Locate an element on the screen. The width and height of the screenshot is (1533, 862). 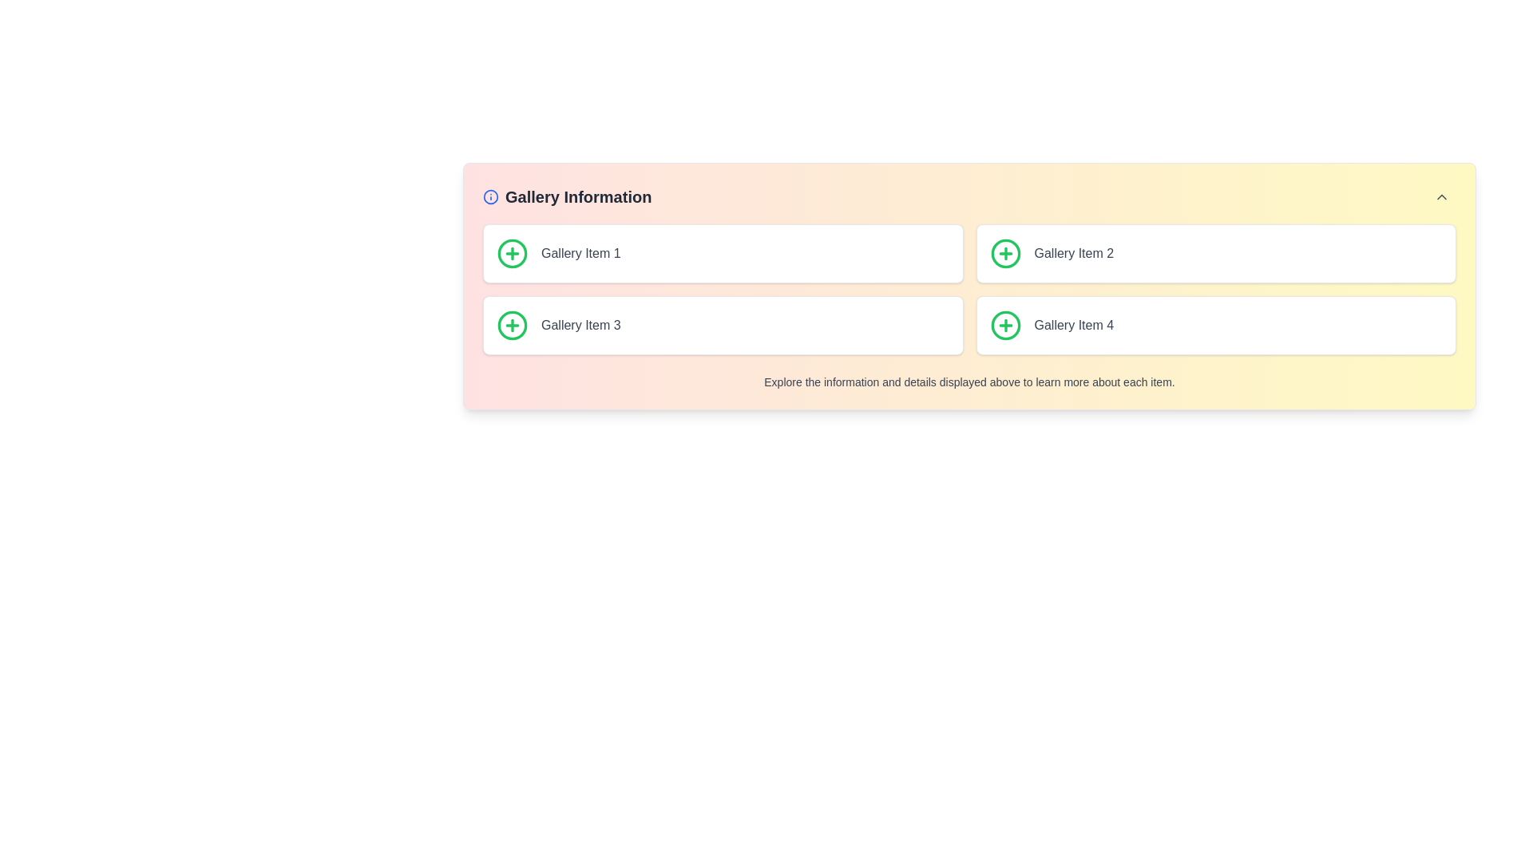
the text label reading 'Gallery Item 1', which is styled in gray and positioned to the right of a green plus icon in the top-left section of a grid-like display is located at coordinates (580, 252).